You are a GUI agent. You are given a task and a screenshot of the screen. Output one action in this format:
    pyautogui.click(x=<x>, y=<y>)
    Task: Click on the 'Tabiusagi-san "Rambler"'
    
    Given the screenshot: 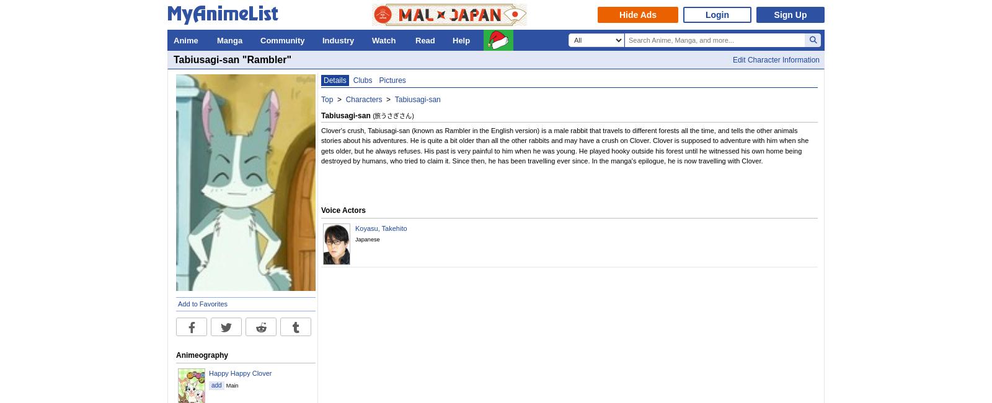 What is the action you would take?
    pyautogui.click(x=232, y=59)
    